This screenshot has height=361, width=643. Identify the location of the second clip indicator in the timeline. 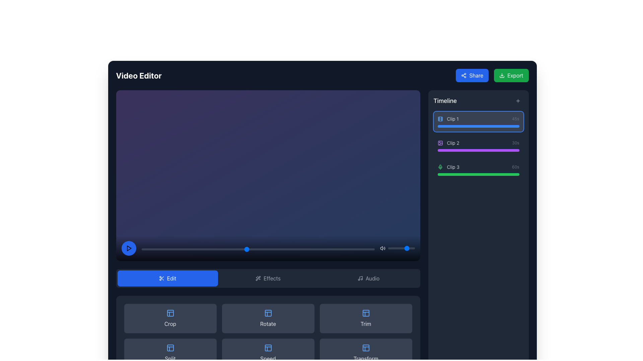
(478, 145).